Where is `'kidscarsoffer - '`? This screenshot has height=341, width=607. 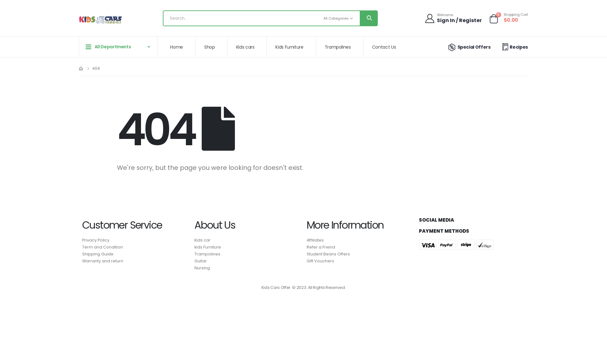 'kidscarsoffer - ' is located at coordinates (78, 20).